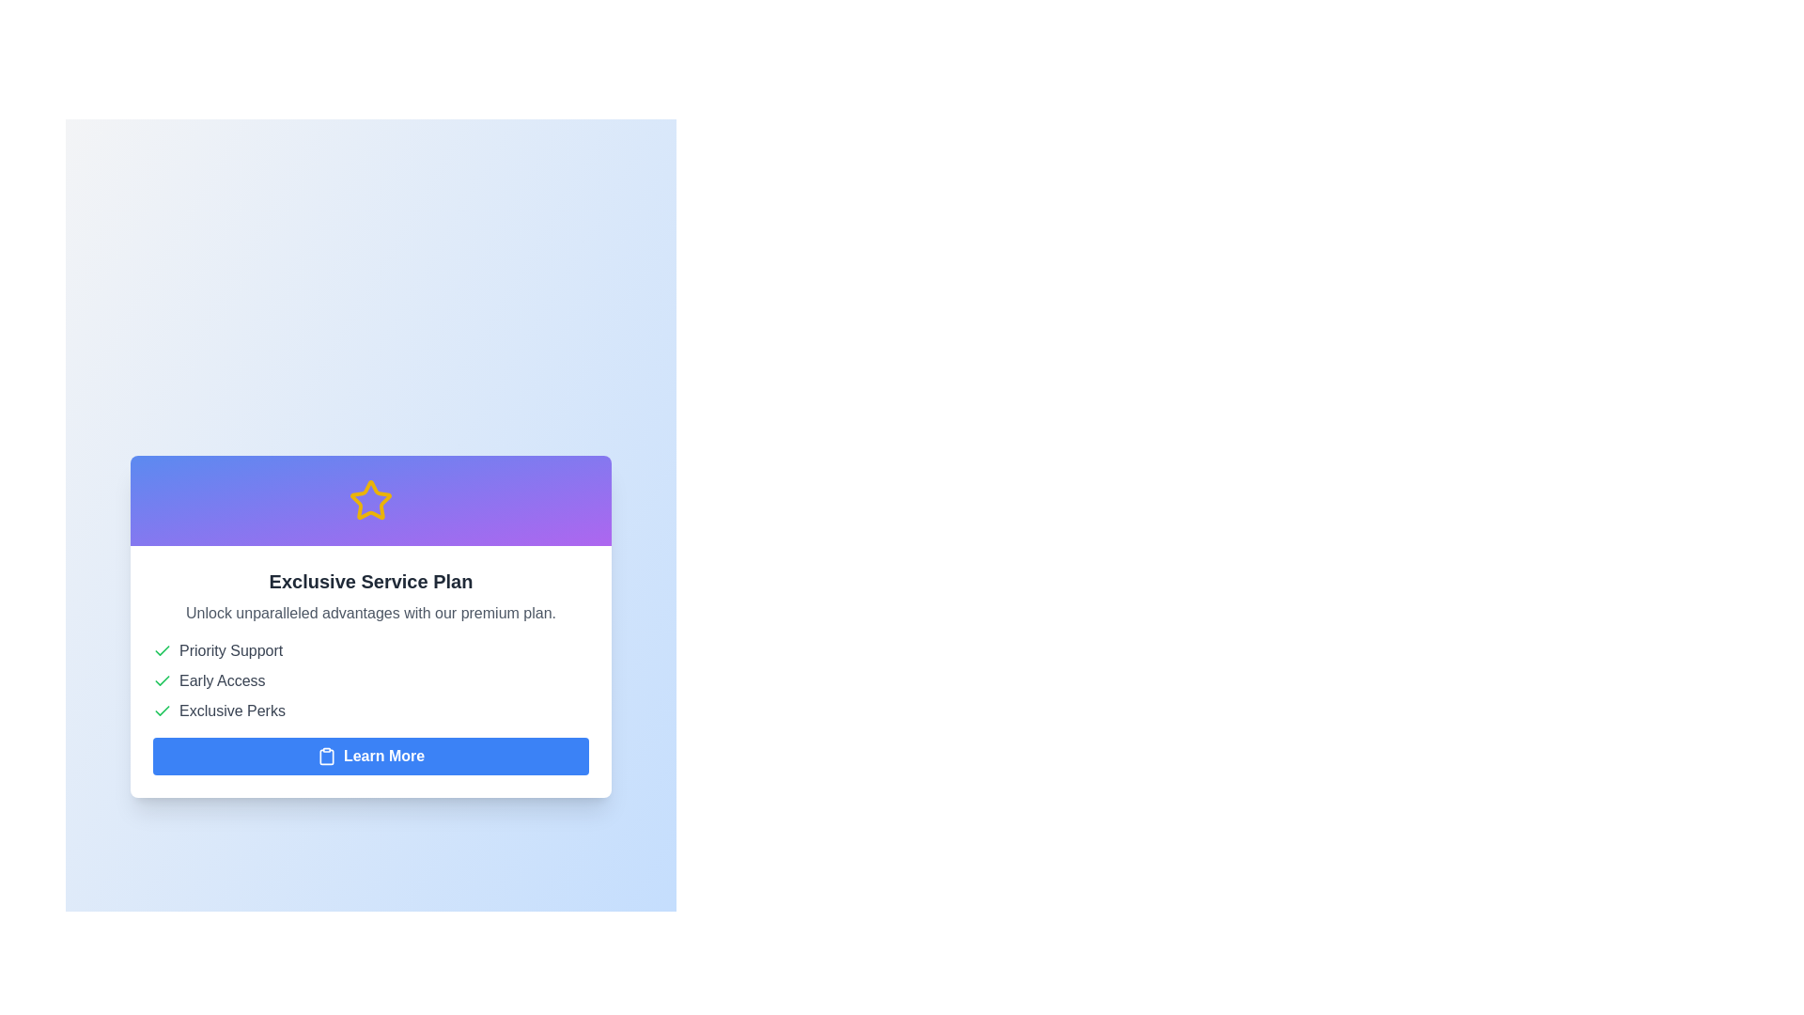  I want to click on the clipboard icon located within the 'Learn More' button at the bottom of a card-like structure, which indicates actions related to copying or data collection, so click(326, 756).